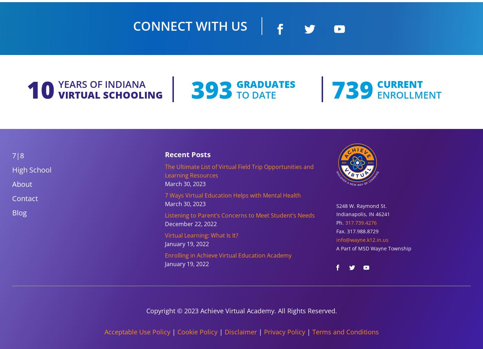 This screenshot has height=349, width=483. Describe the element at coordinates (241, 310) in the screenshot. I see `'Copyright © 2023 Achieve Virtual Academy. All Rights Reserved.'` at that location.